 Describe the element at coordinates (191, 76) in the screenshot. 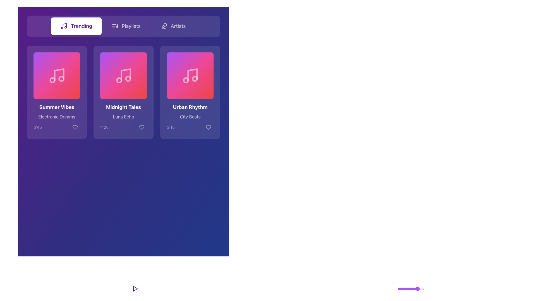

I see `the triangular play button icon located in the center of the 'Urban Rhythm' card, which is the third card in a horizontal set of three cards` at that location.